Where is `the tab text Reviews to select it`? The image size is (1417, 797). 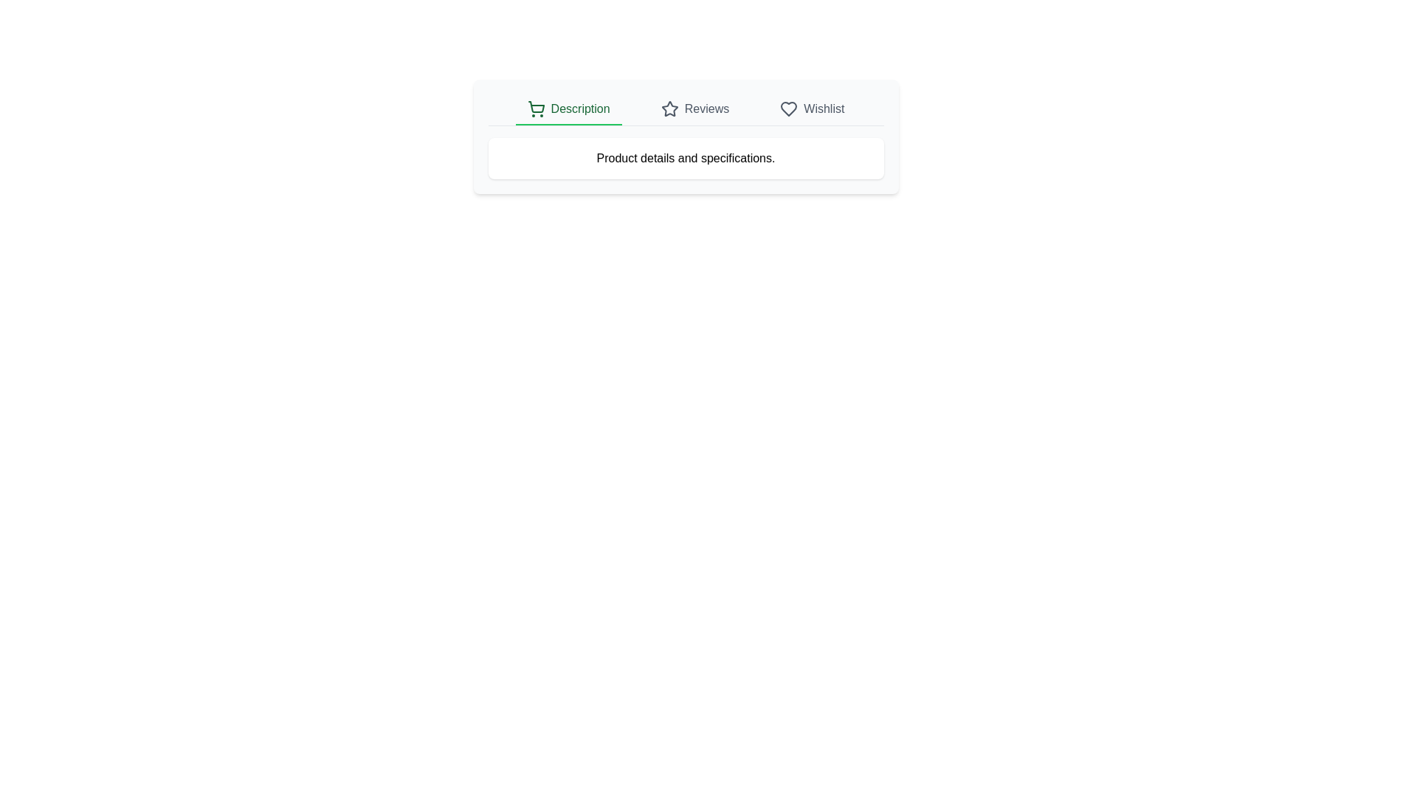
the tab text Reviews to select it is located at coordinates (694, 109).